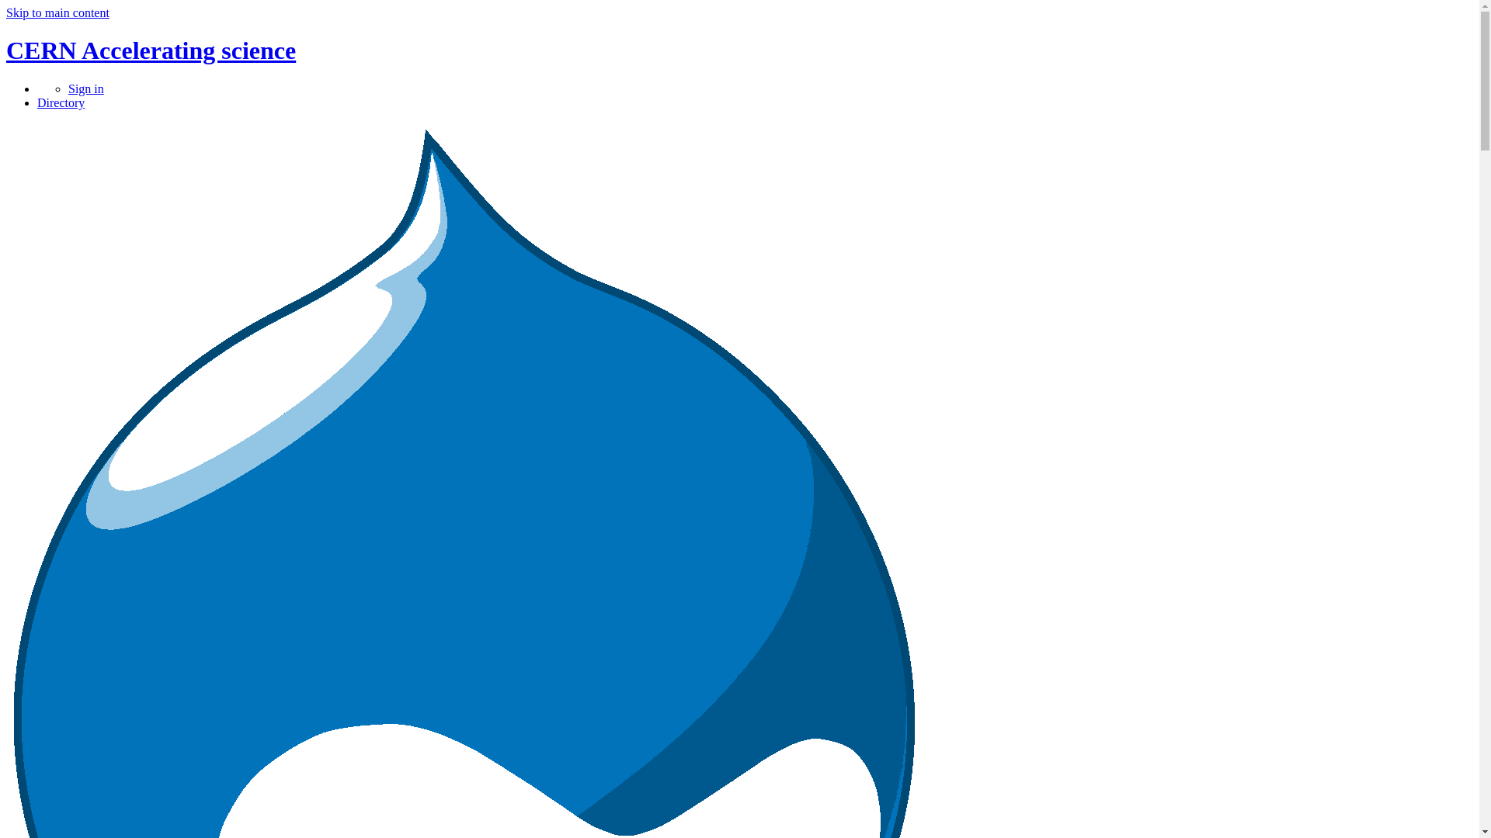 This screenshot has width=1491, height=838. I want to click on 'Directory', so click(61, 102).